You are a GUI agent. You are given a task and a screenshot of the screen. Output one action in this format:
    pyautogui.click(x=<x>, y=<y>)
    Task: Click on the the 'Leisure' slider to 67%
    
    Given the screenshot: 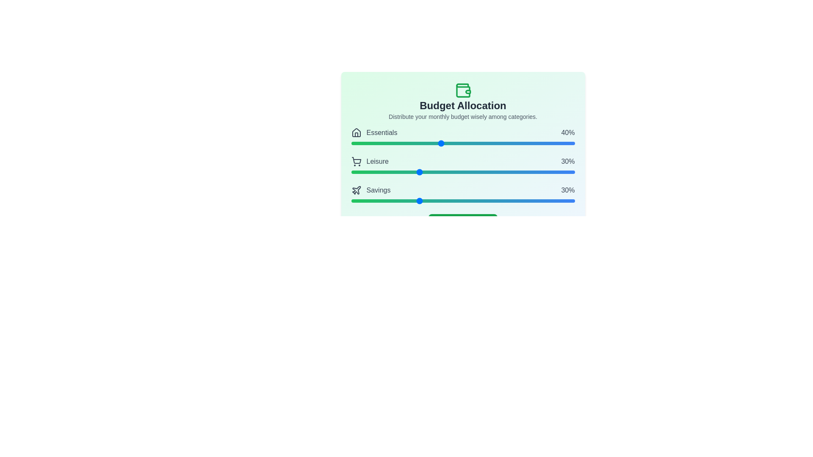 What is the action you would take?
    pyautogui.click(x=501, y=172)
    